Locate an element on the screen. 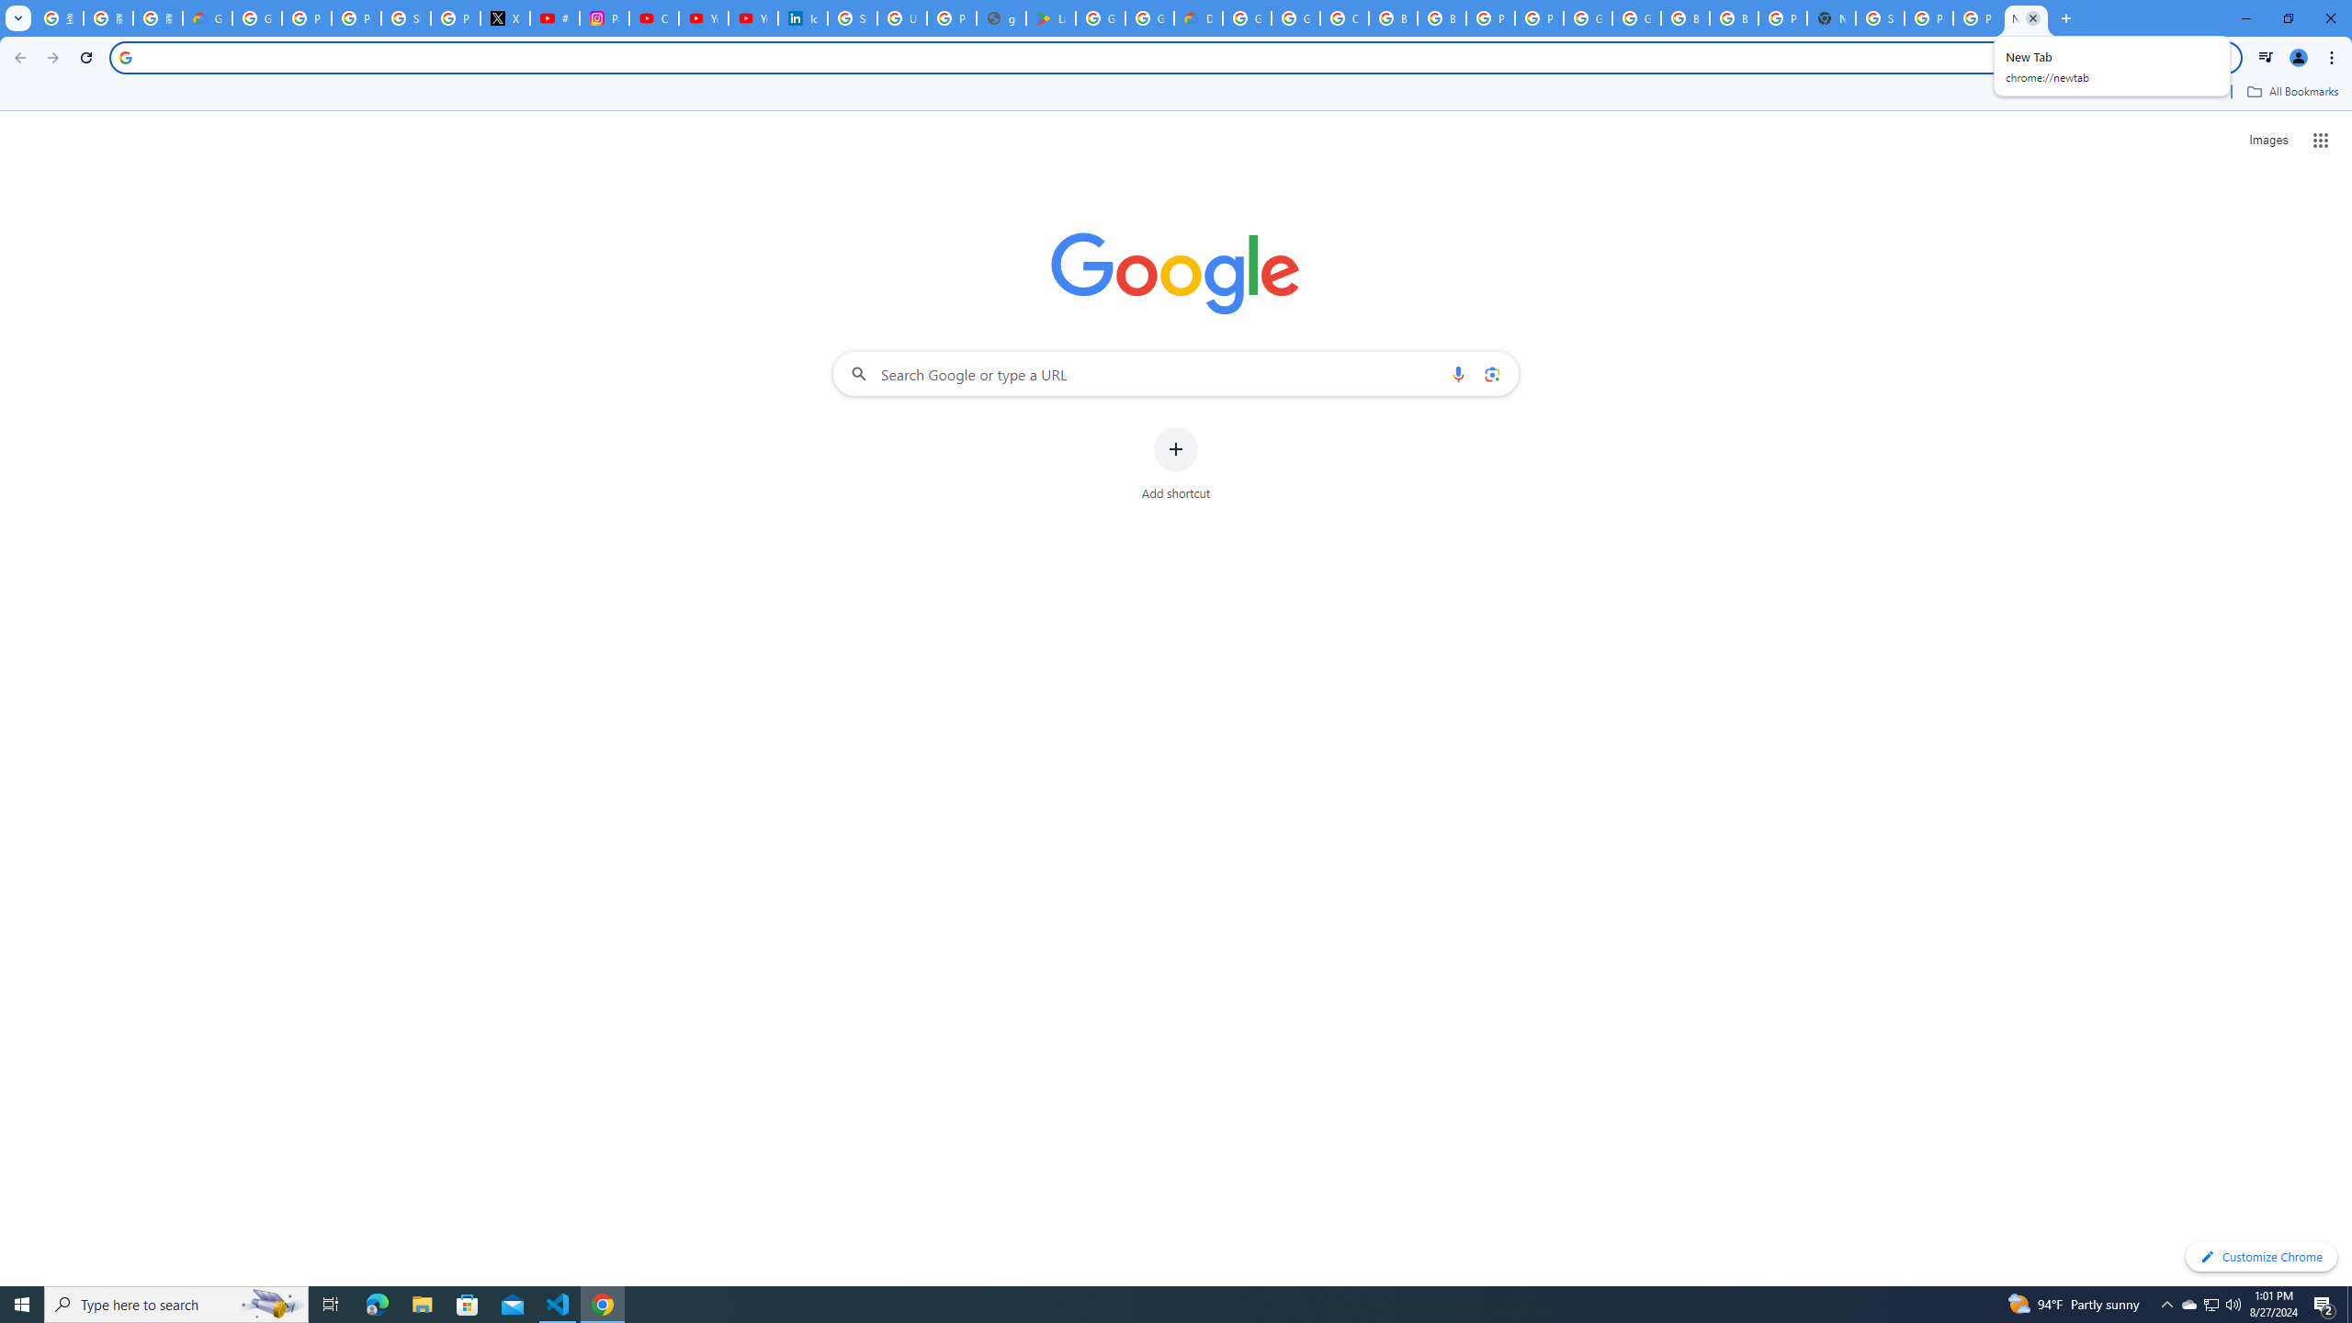 The height and width of the screenshot is (1323, 2352). 'Browse Chrome as a guest - Computer - Google Chrome Help' is located at coordinates (1685, 17).